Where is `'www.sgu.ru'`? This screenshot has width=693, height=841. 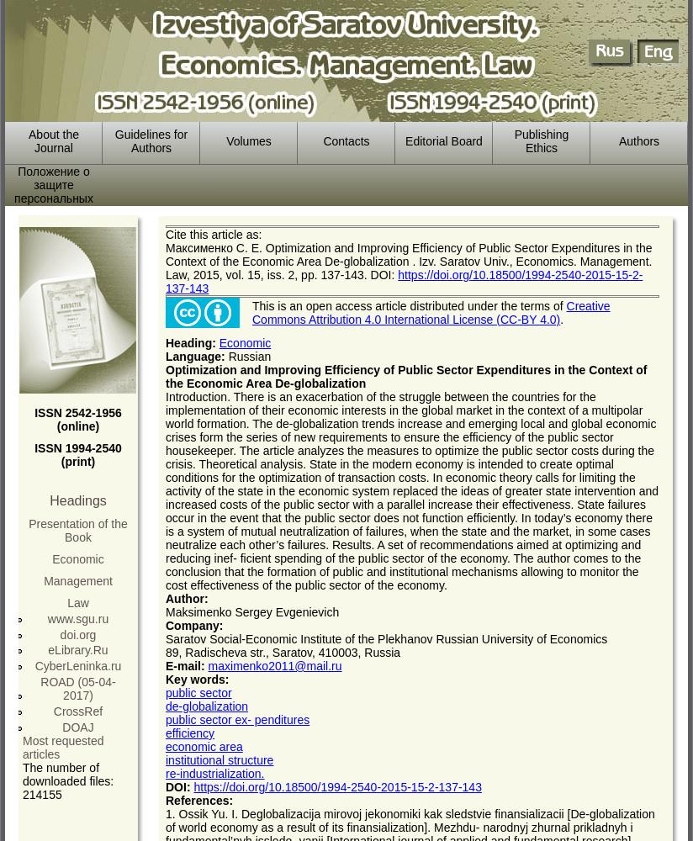
'www.sgu.ru' is located at coordinates (77, 617).